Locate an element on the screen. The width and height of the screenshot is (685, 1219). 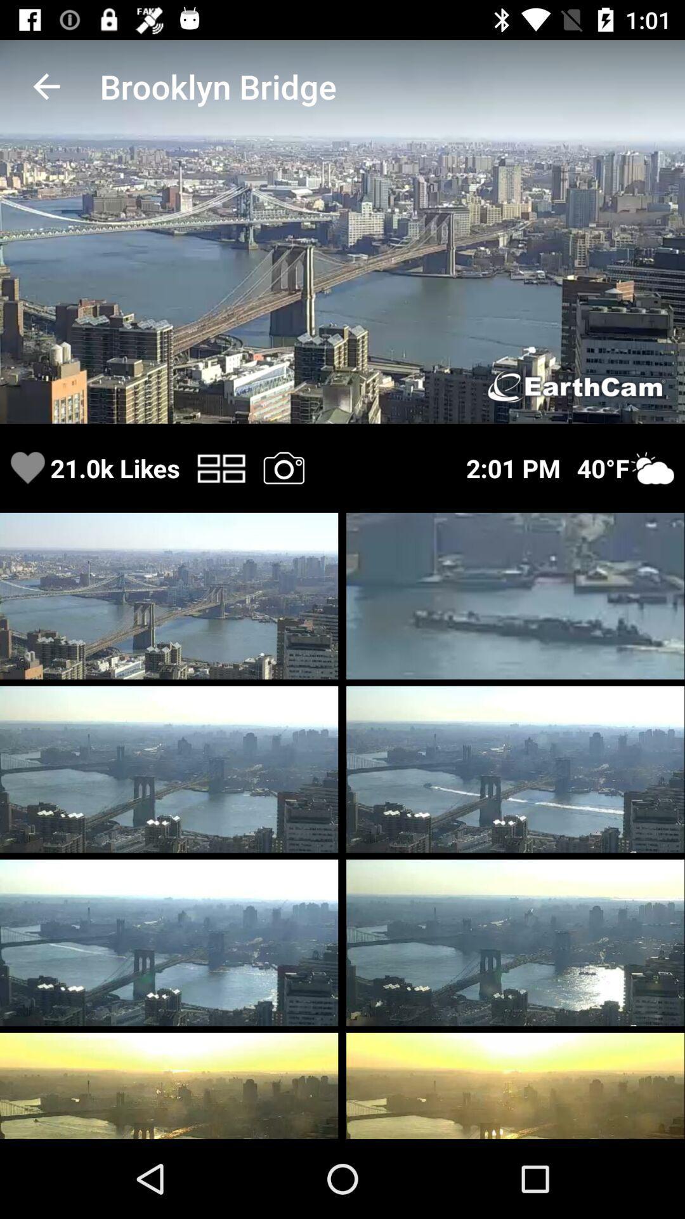
option is located at coordinates (283, 467).